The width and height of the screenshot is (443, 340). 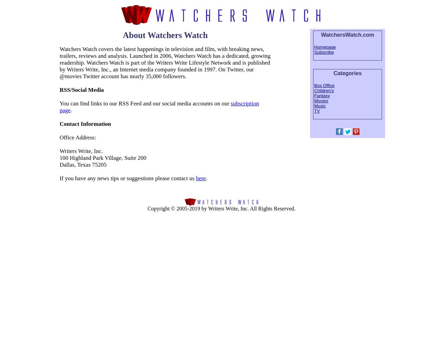 I want to click on 'Copyright © 2005-2019 by Writers Write, Inc. All Rights Reserved.', so click(x=221, y=208).